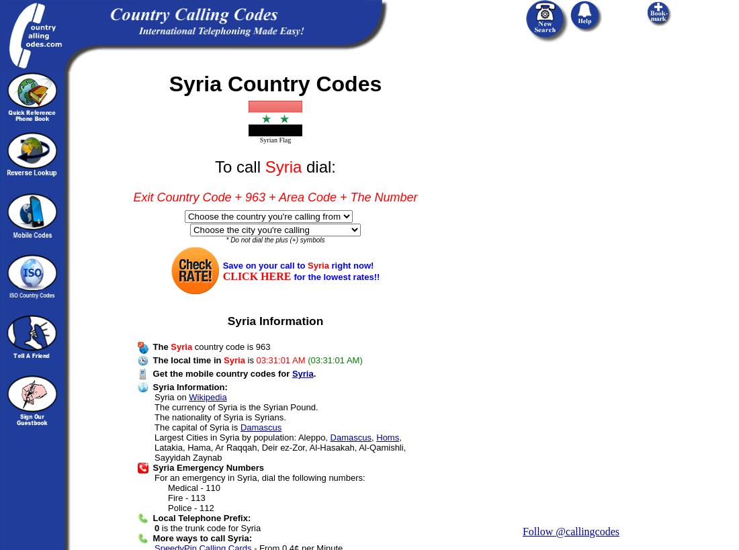 This screenshot has height=550, width=739. What do you see at coordinates (256, 360) in the screenshot?
I see `'03:31:01 AM'` at bounding box center [256, 360].